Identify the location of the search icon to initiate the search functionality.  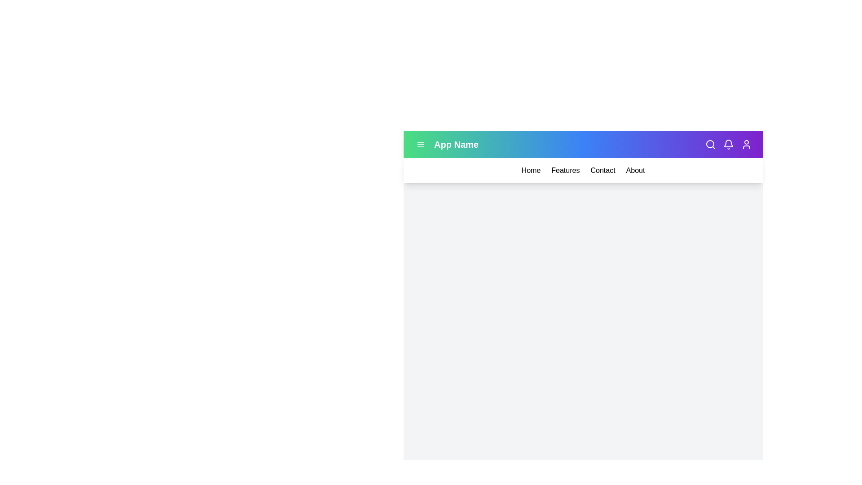
(710, 144).